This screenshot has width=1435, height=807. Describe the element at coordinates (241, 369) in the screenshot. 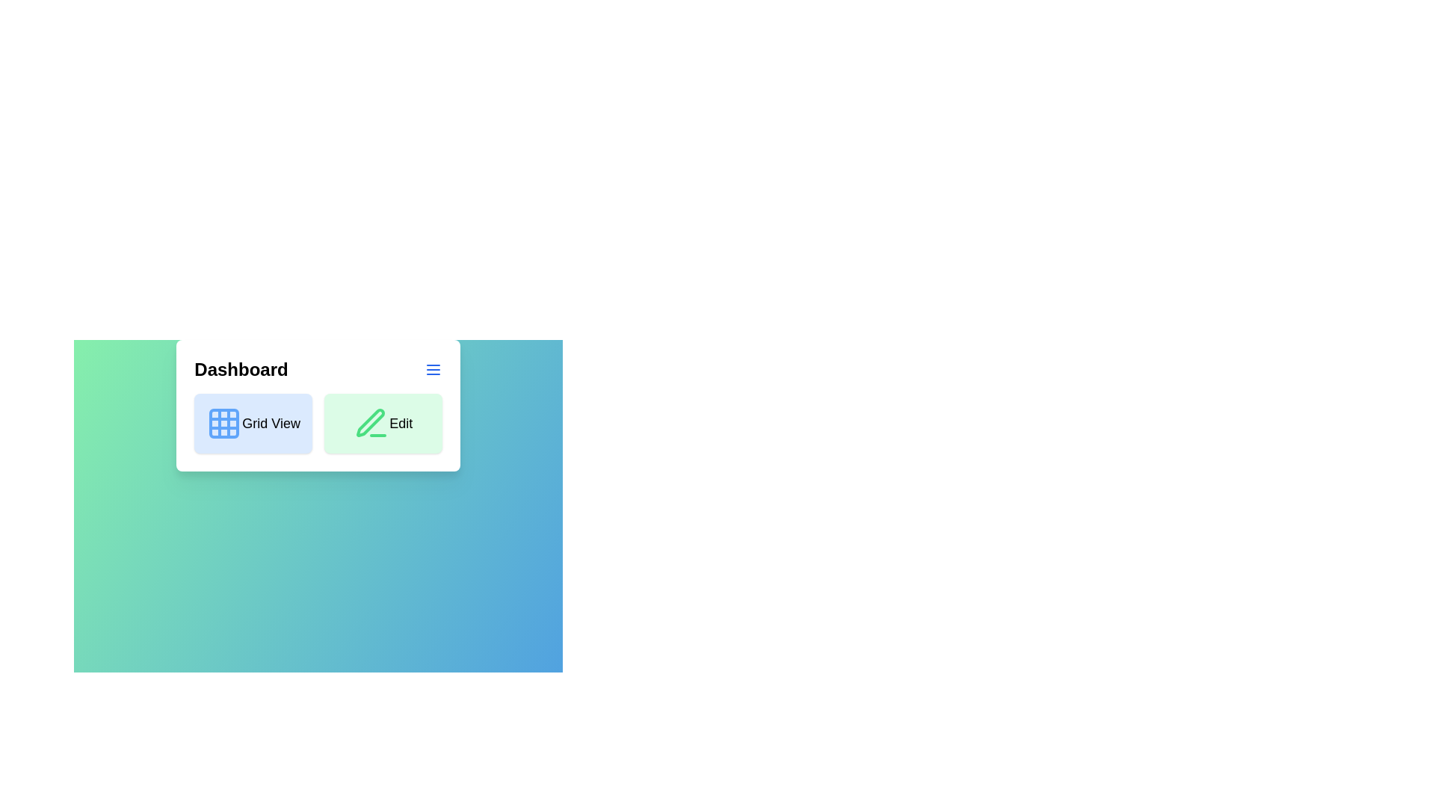

I see `the 'Dashboard' title for inspection` at that location.